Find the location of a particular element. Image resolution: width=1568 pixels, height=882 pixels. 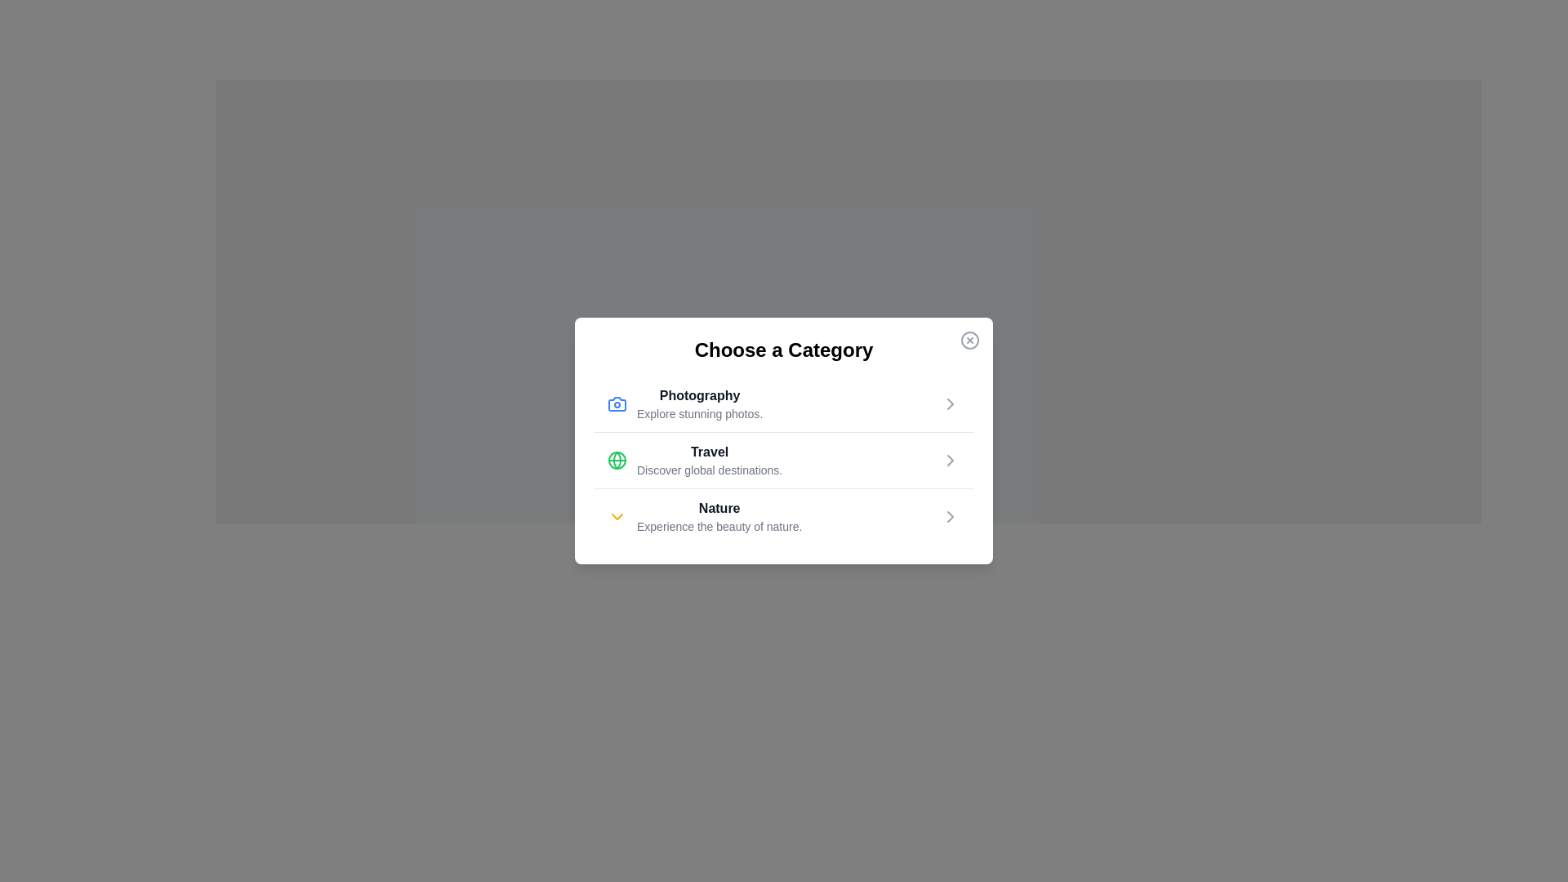

the close button located in the top-right corner of the 'Choose a Category' dialog box to change its color is located at coordinates (970, 339).